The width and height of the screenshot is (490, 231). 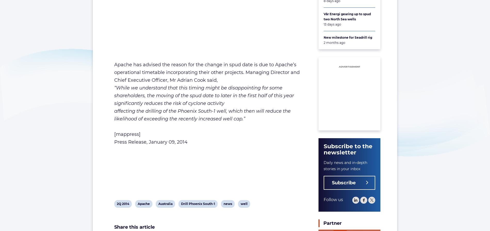 I want to click on 'Subscribe', so click(x=344, y=183).